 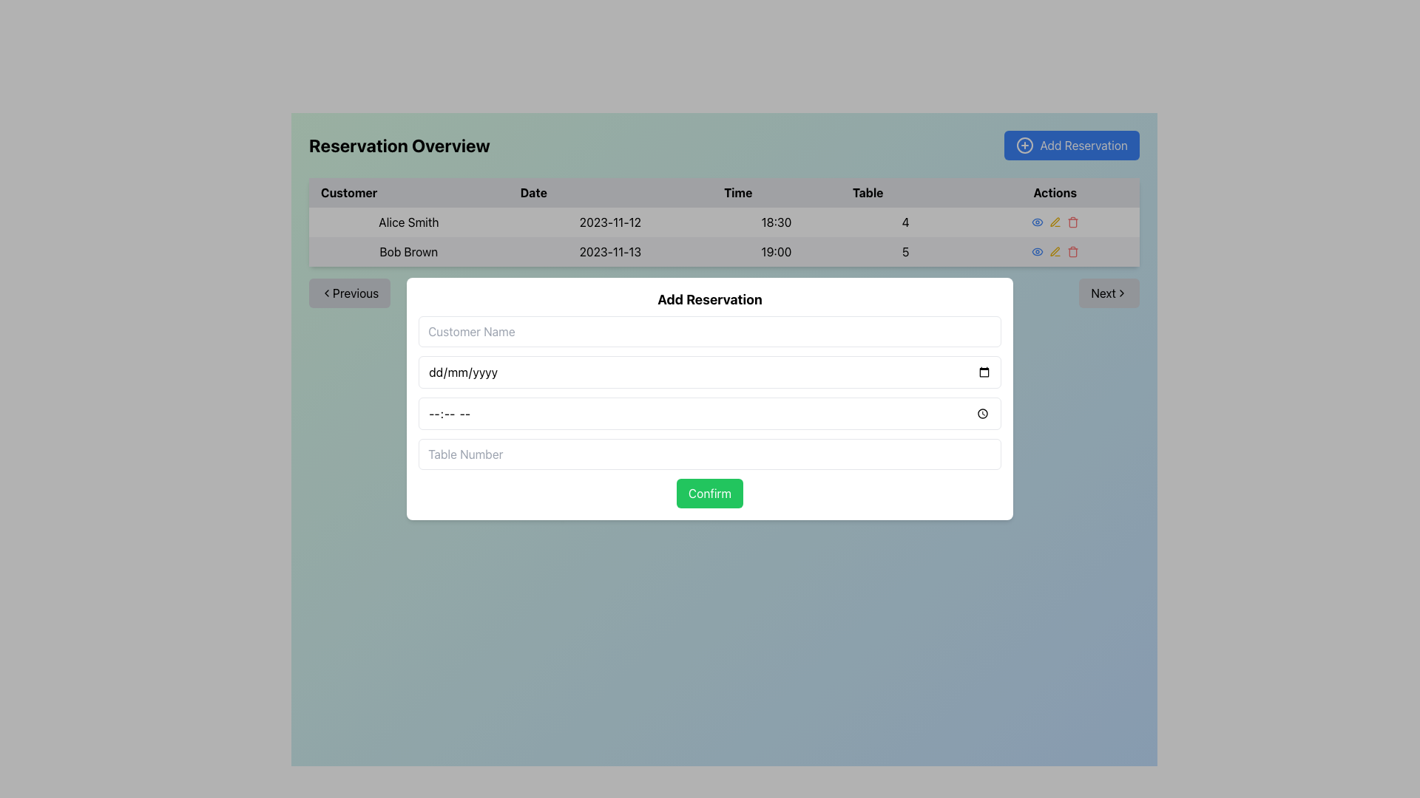 What do you see at coordinates (710, 413) in the screenshot?
I see `the Time input field located beneath the date input field and above the numeric input for table number in the 'Add Reservation' modal to focus it` at bounding box center [710, 413].